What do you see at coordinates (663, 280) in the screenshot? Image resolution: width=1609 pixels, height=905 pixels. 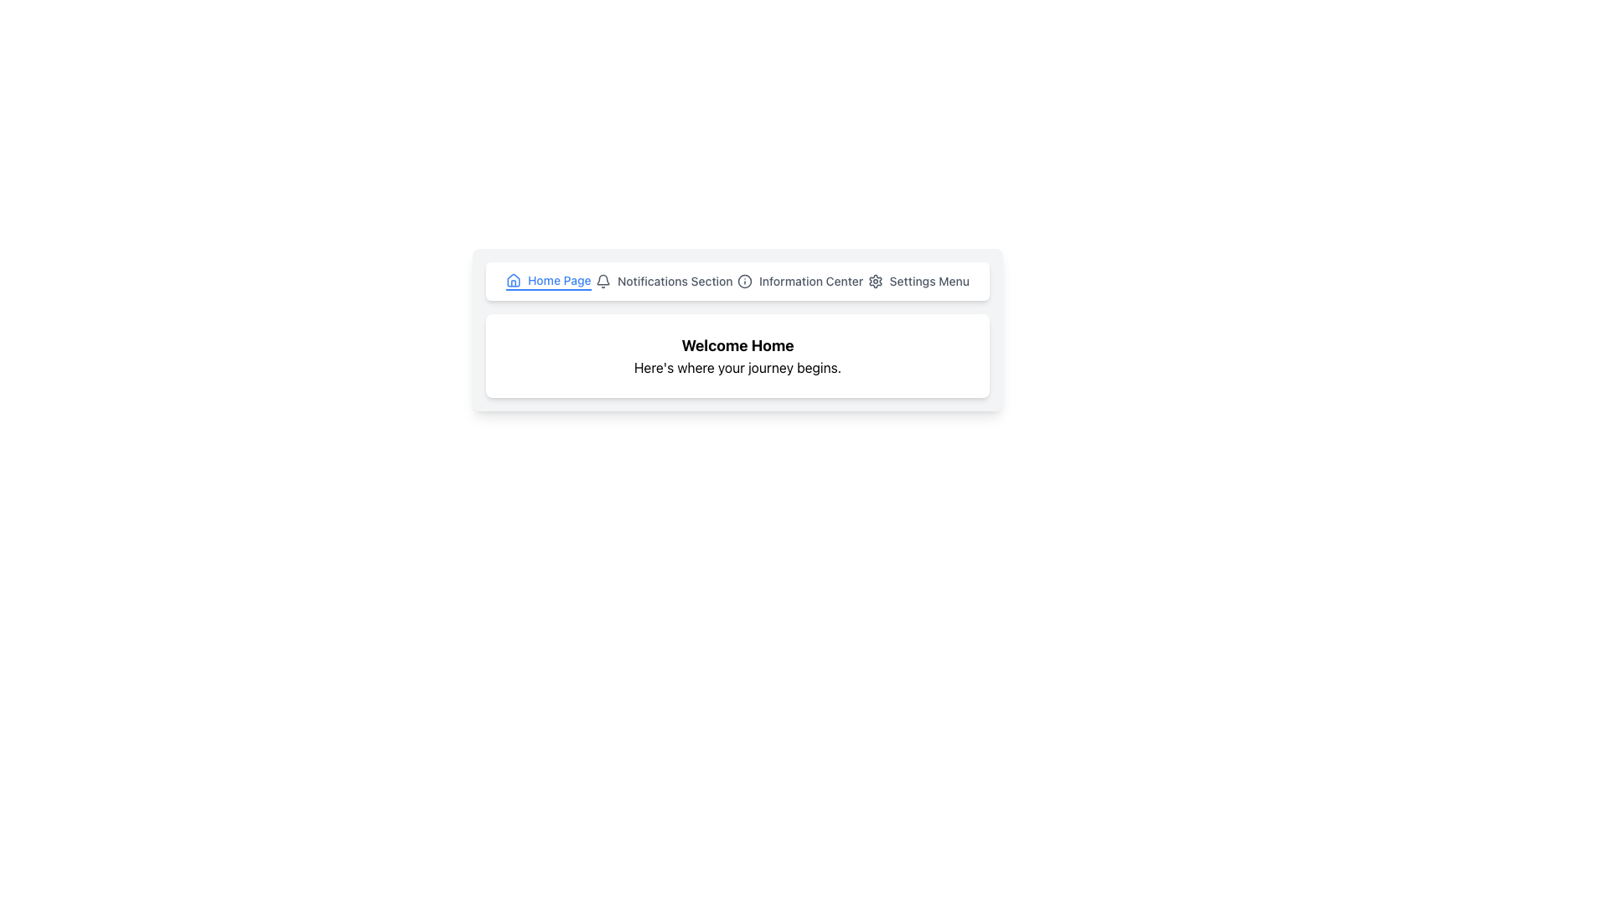 I see `the 'Notifications Section' button, which displays a bell icon and changes color from gray to blue on hover, located between the 'Home Page' and 'Information Center' buttons in the top navigation bar` at bounding box center [663, 280].